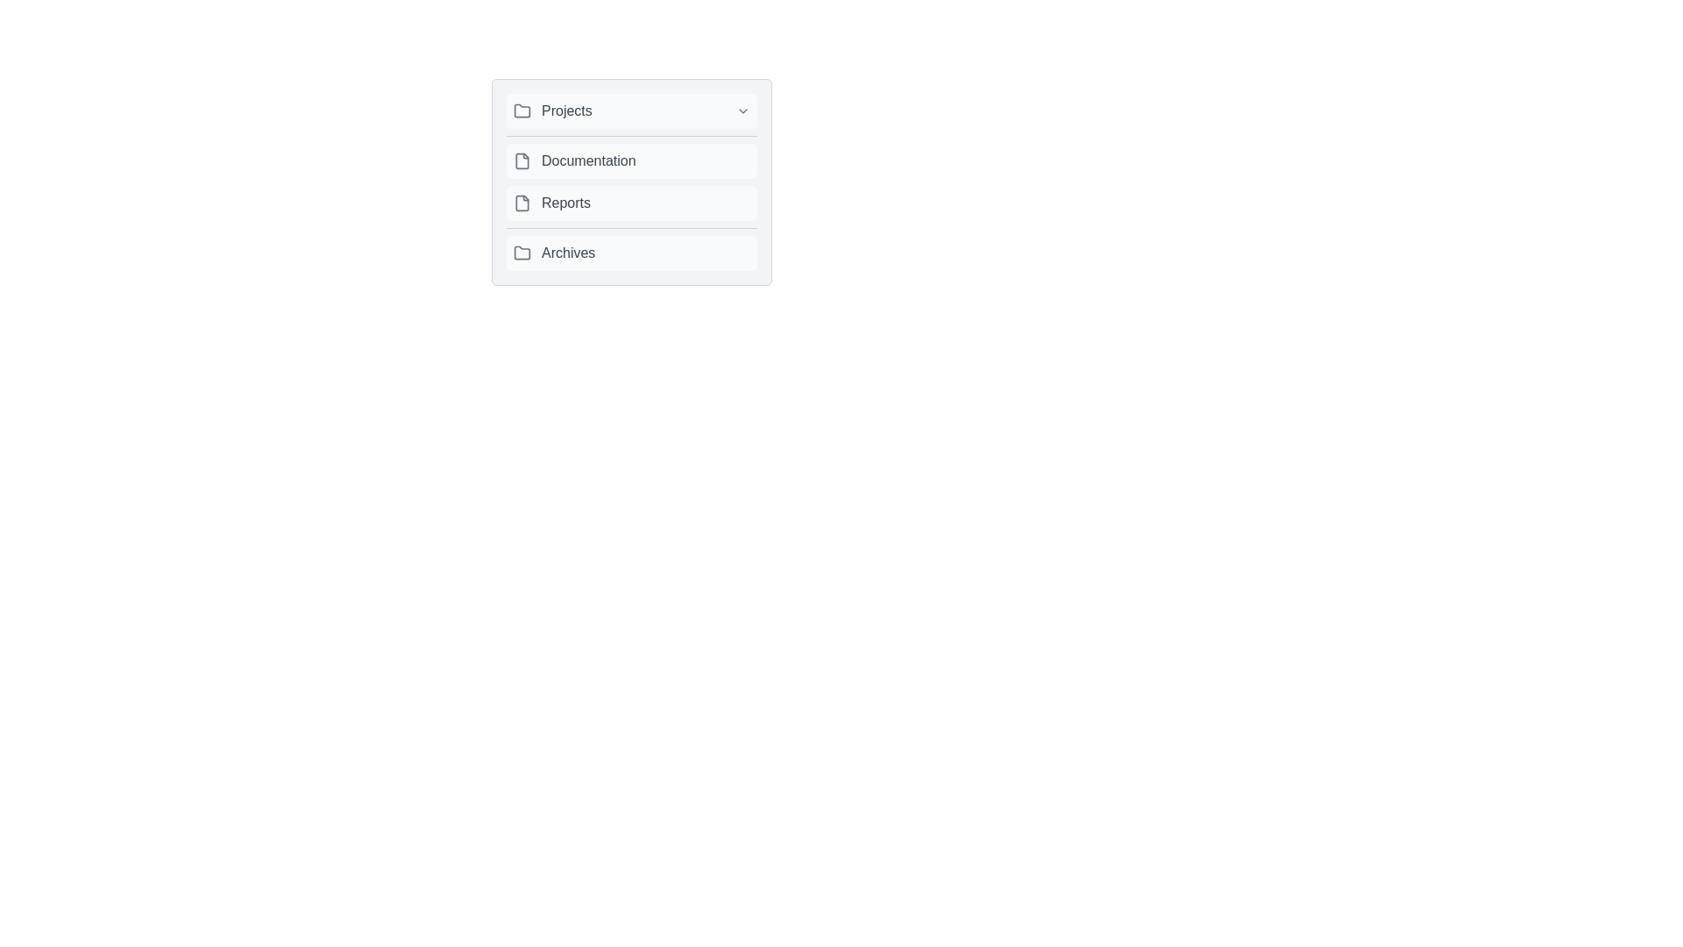  I want to click on the red document icon with a folded corner located, so click(521, 161).